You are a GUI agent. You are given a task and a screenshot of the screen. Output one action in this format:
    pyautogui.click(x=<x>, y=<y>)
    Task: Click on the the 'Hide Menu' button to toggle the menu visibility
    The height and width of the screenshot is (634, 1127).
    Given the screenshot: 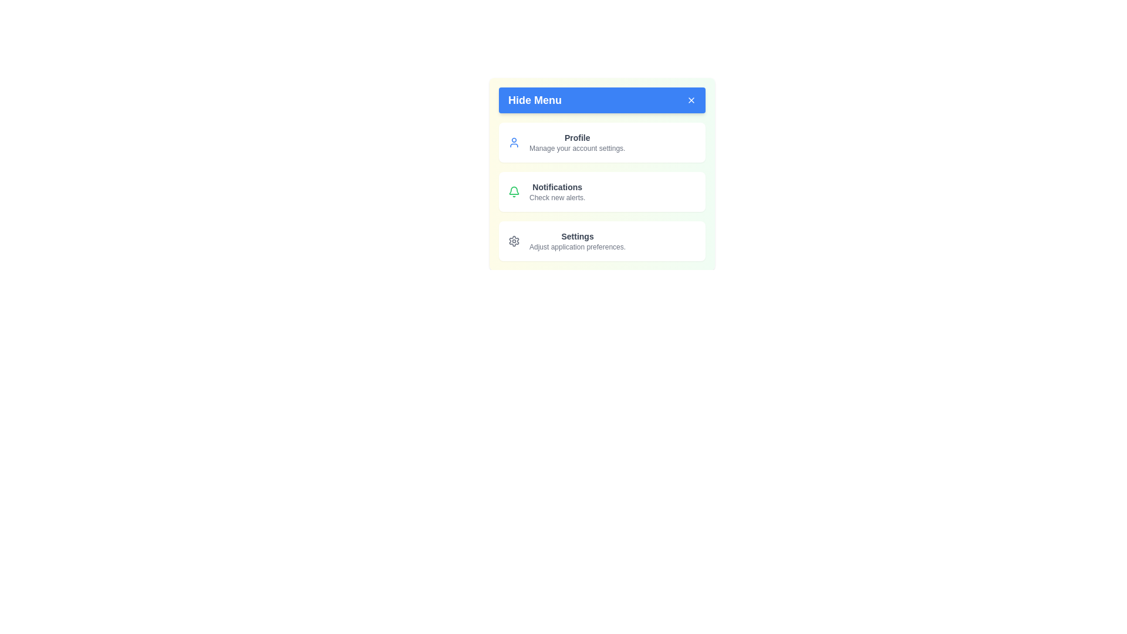 What is the action you would take?
    pyautogui.click(x=602, y=99)
    